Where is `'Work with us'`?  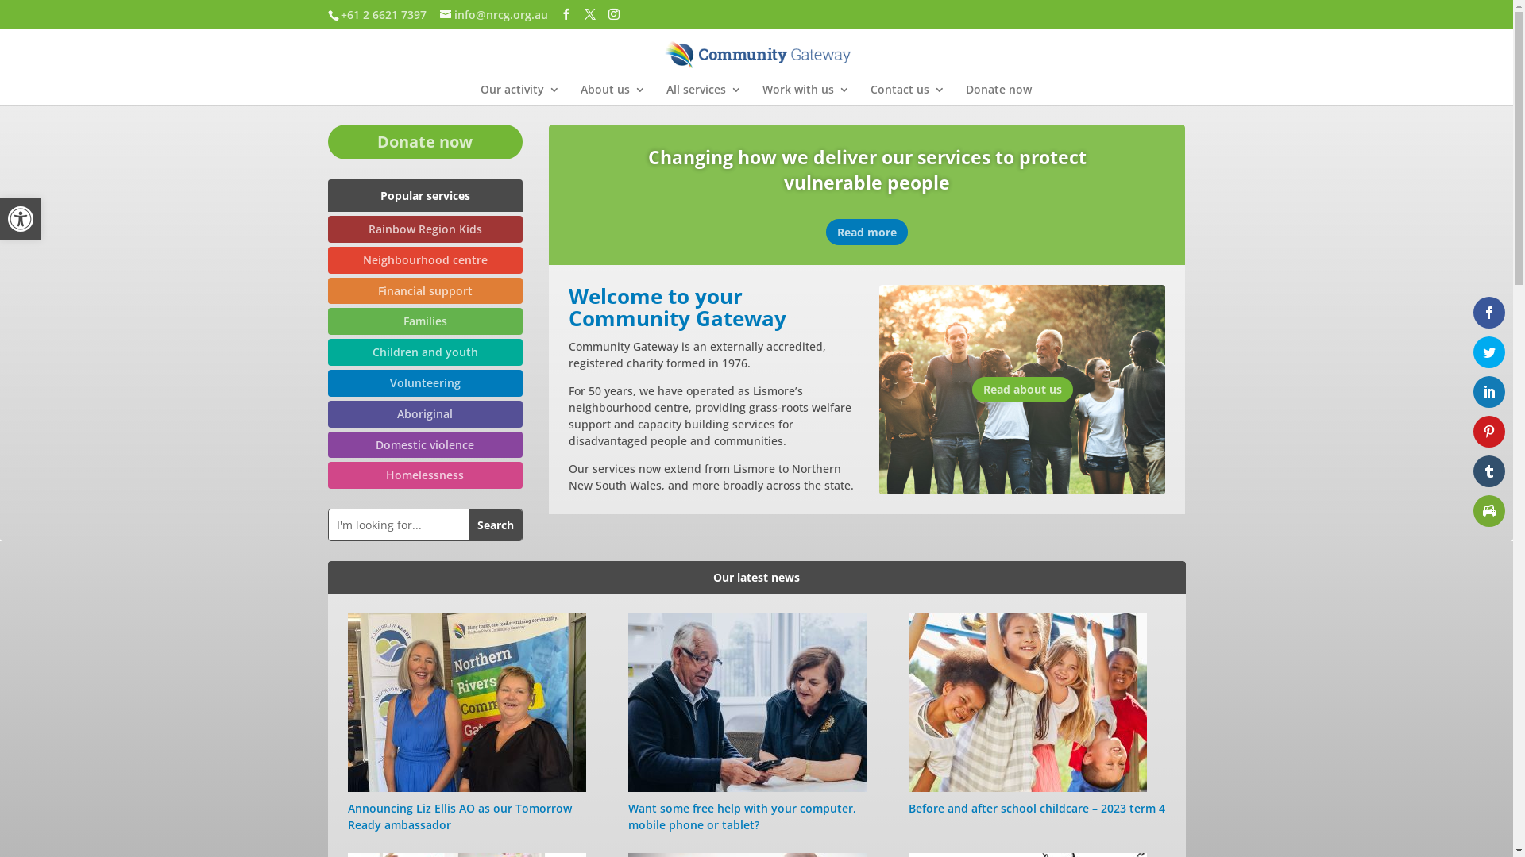
'Work with us' is located at coordinates (805, 94).